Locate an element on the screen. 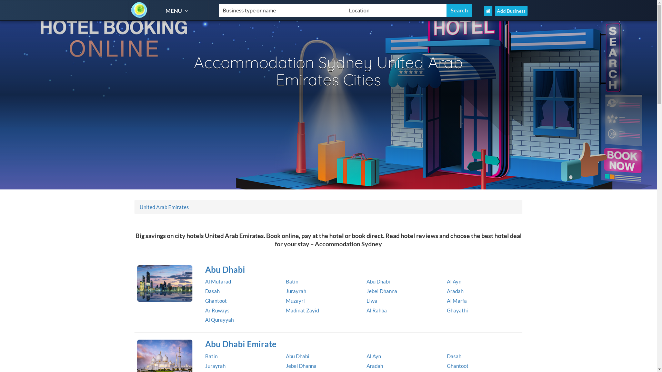 The width and height of the screenshot is (662, 372). 'Accommodation Sydney' is located at coordinates (139, 10).